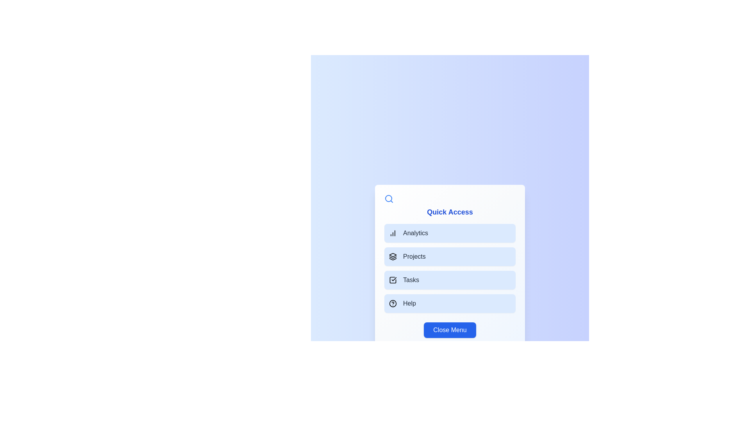 This screenshot has width=750, height=422. I want to click on the menu option Help, so click(450, 303).